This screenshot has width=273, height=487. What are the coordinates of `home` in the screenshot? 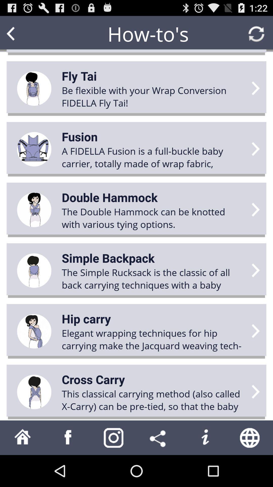 It's located at (22, 437).